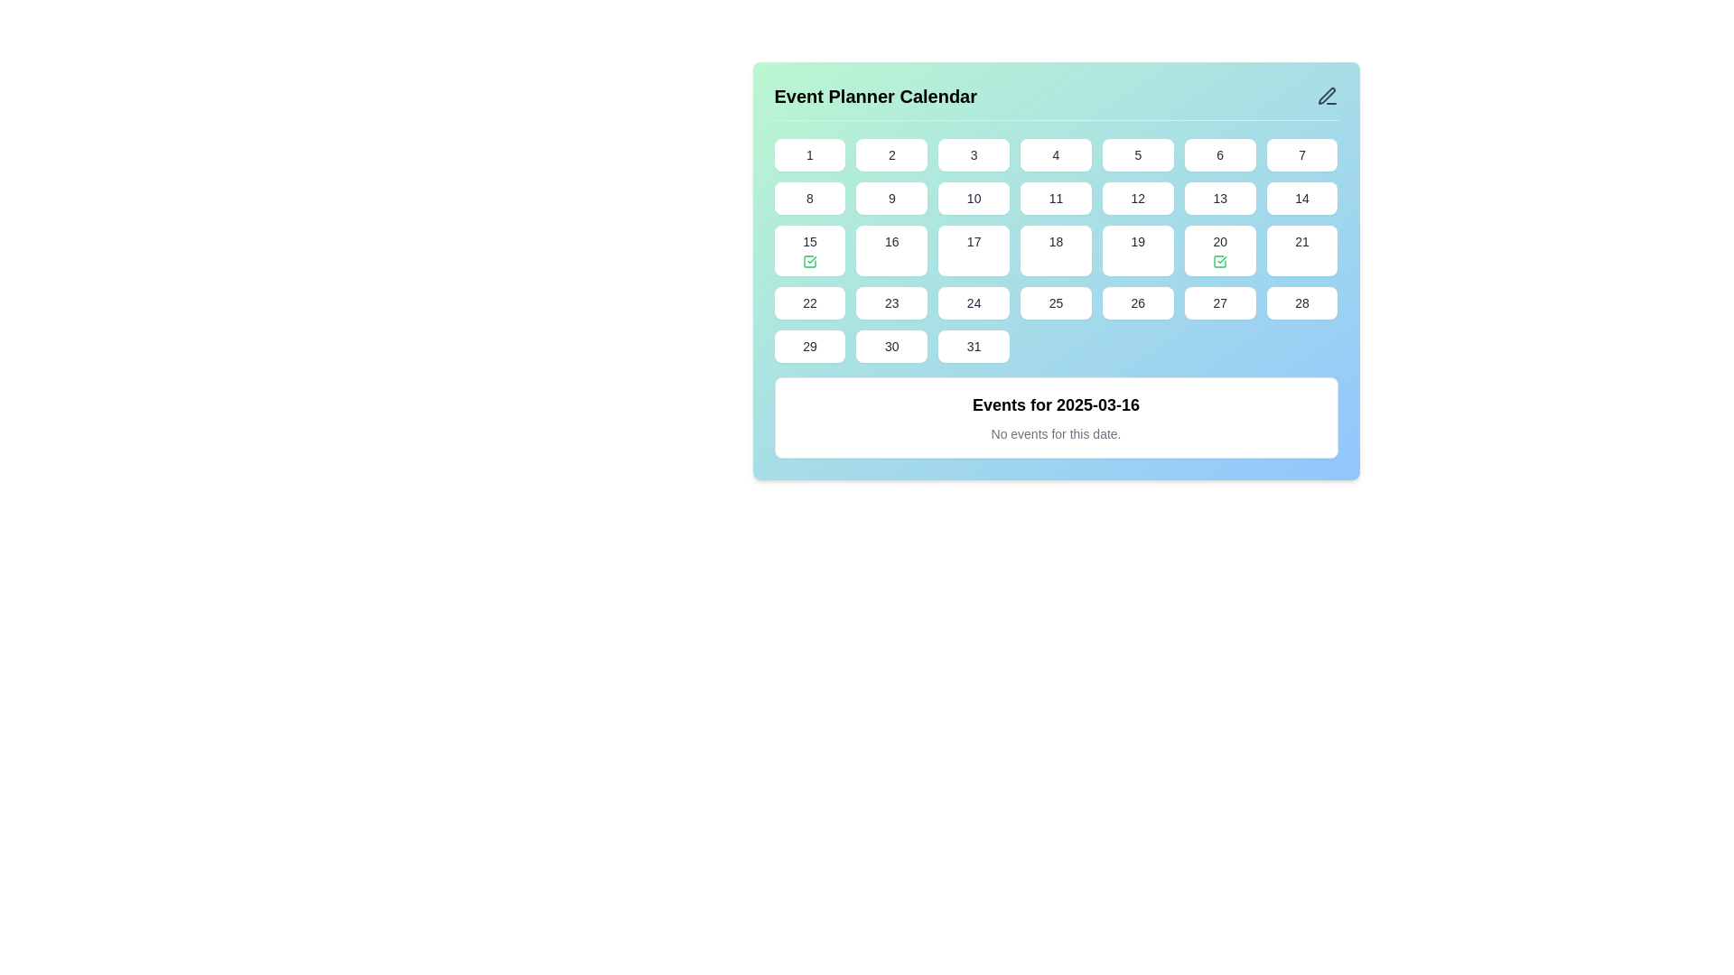  I want to click on the button representing the 18th day in the calendar, so click(1056, 250).